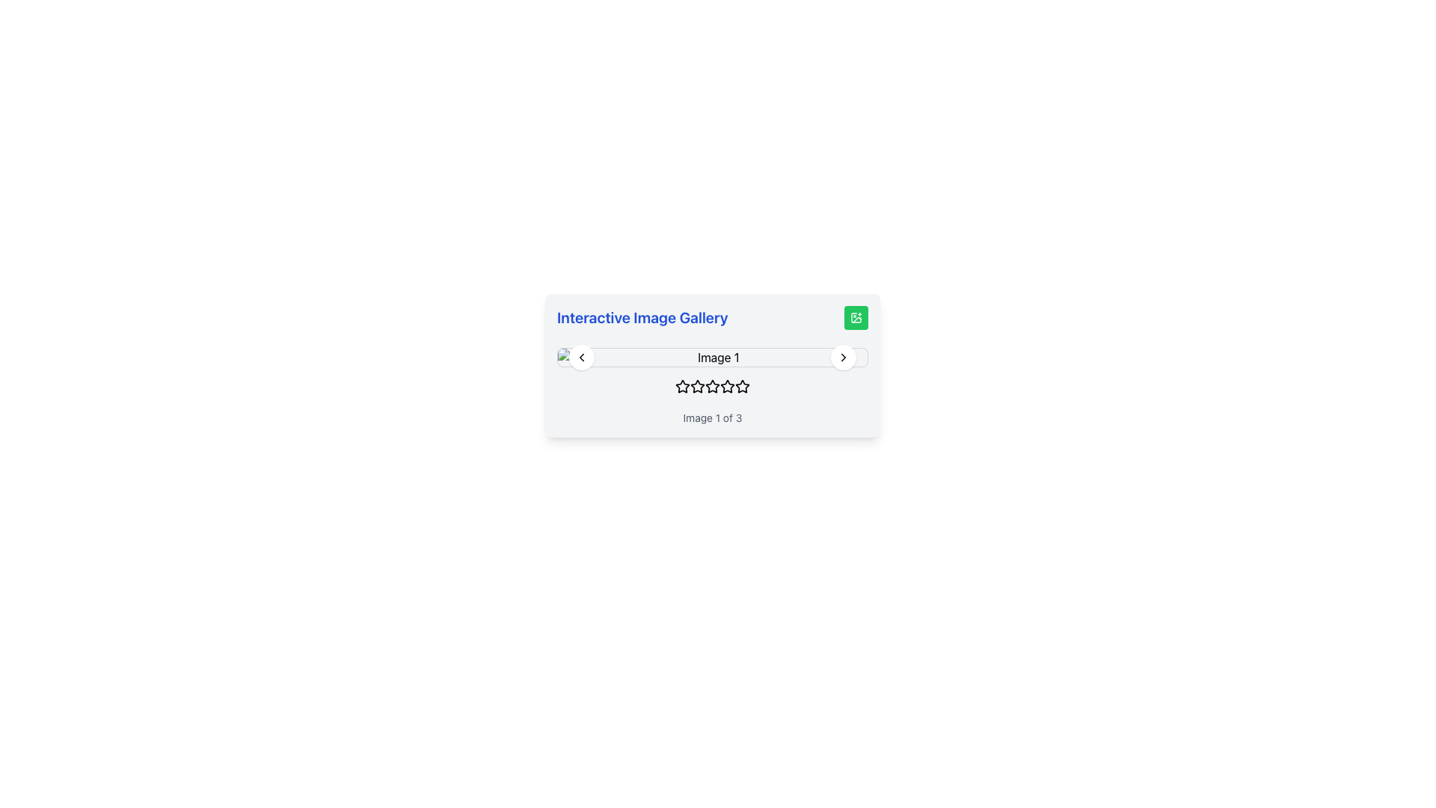 The height and width of the screenshot is (808, 1436). I want to click on the first star in the star-based Rating component located below 'Image 1' and above 'Image 1 of 3' in the Interactive Image Gallery for keyboard interaction, so click(712, 388).